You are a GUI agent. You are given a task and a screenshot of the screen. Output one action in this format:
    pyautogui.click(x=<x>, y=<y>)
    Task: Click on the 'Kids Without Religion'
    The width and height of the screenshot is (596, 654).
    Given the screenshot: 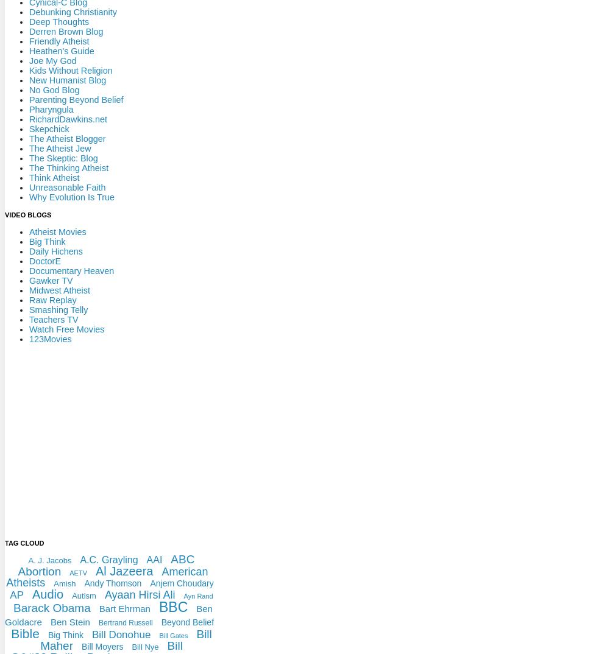 What is the action you would take?
    pyautogui.click(x=70, y=69)
    